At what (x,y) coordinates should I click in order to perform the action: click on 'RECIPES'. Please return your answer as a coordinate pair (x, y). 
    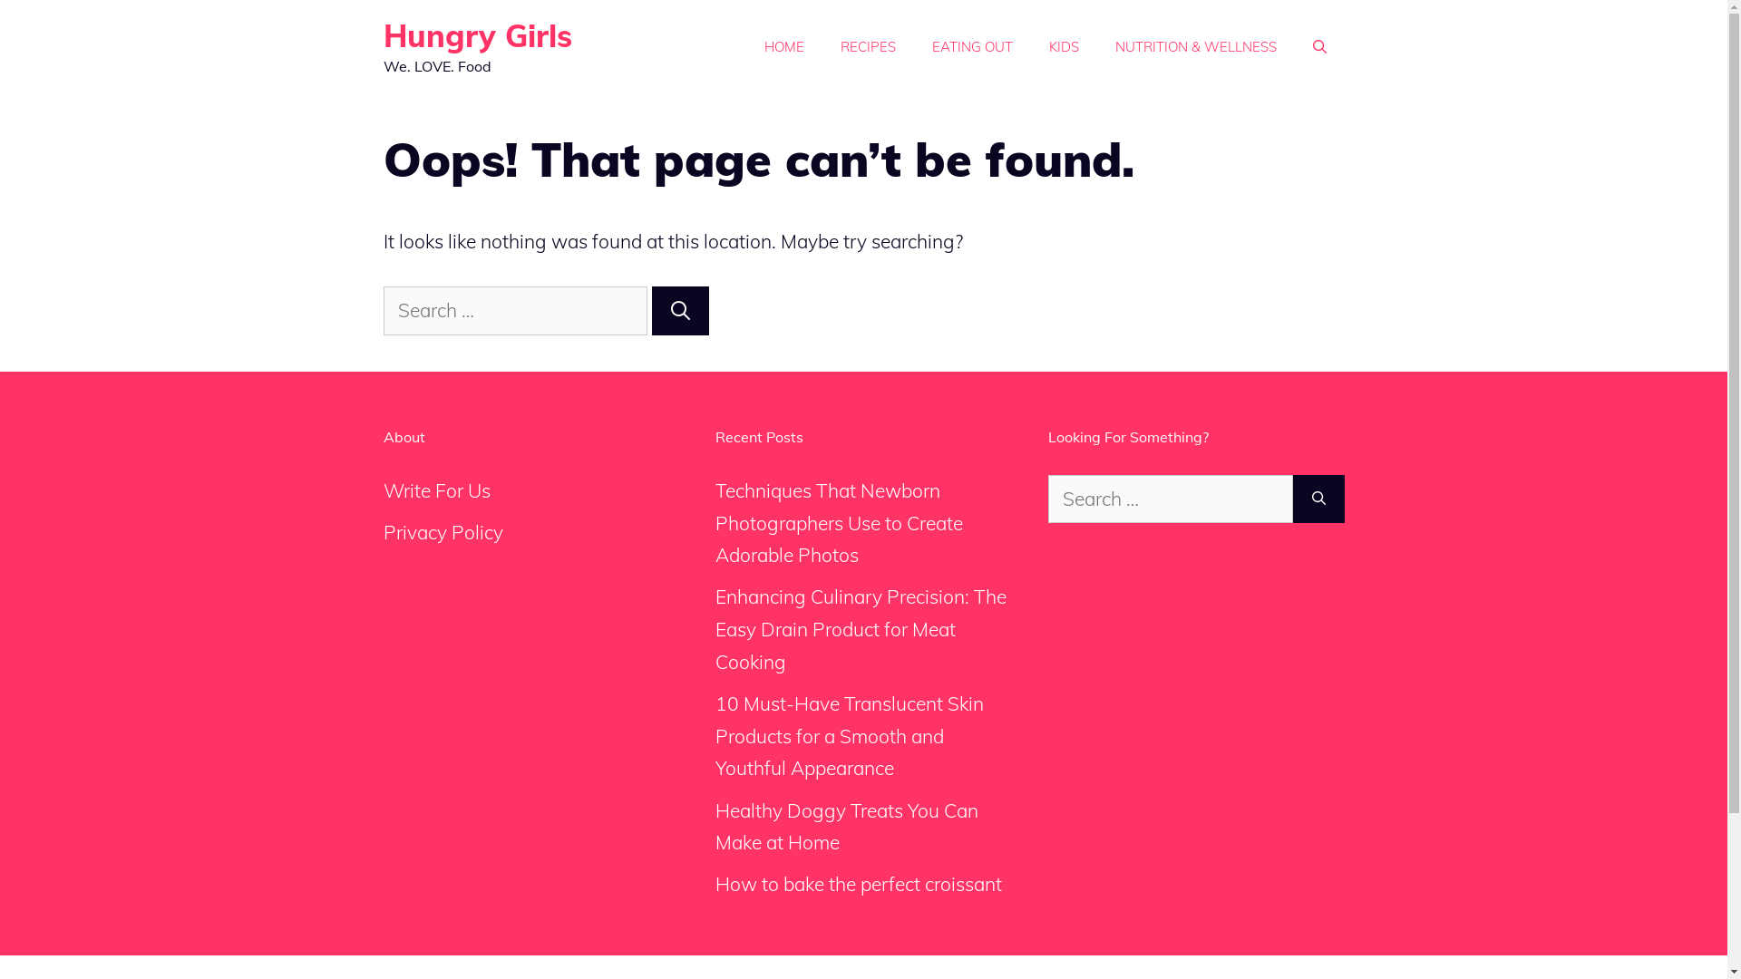
    Looking at the image, I should click on (866, 45).